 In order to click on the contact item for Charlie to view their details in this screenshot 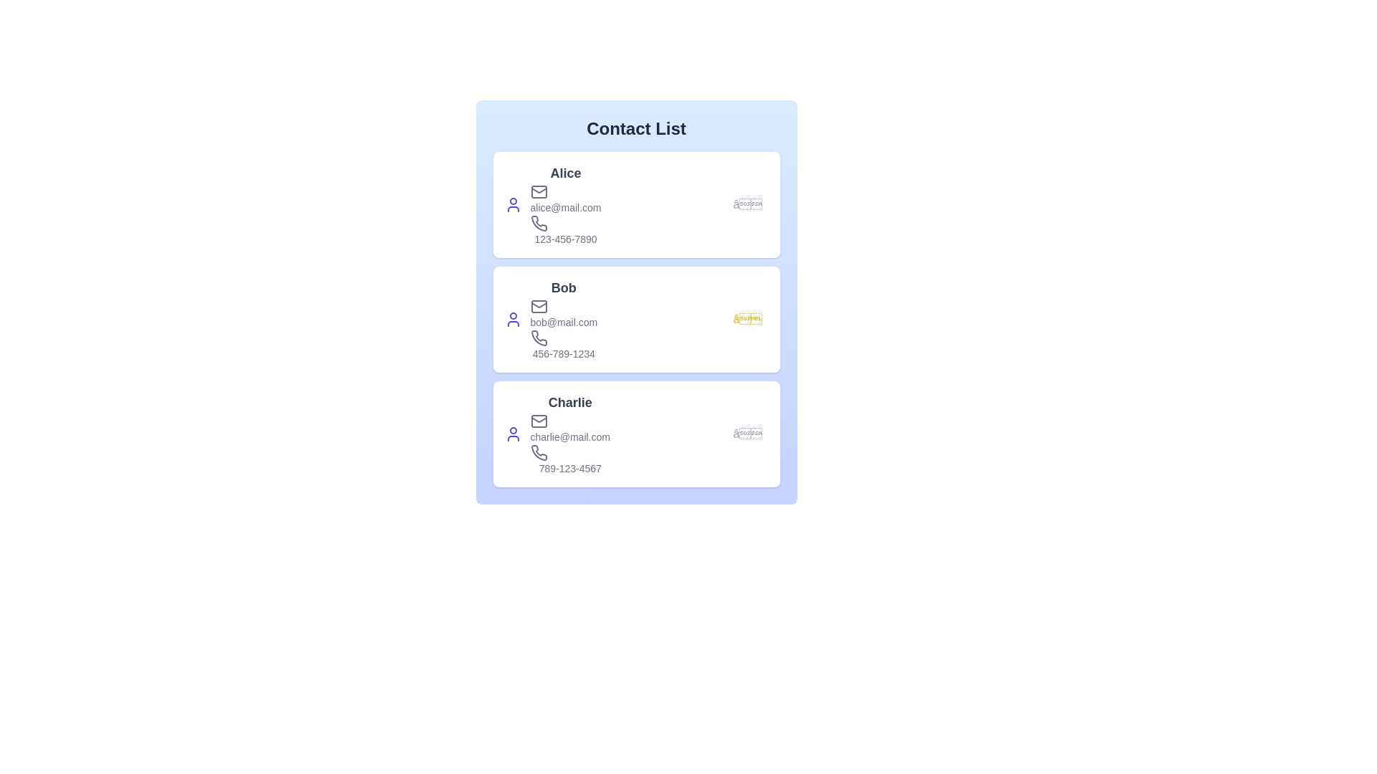, I will do `click(635, 433)`.